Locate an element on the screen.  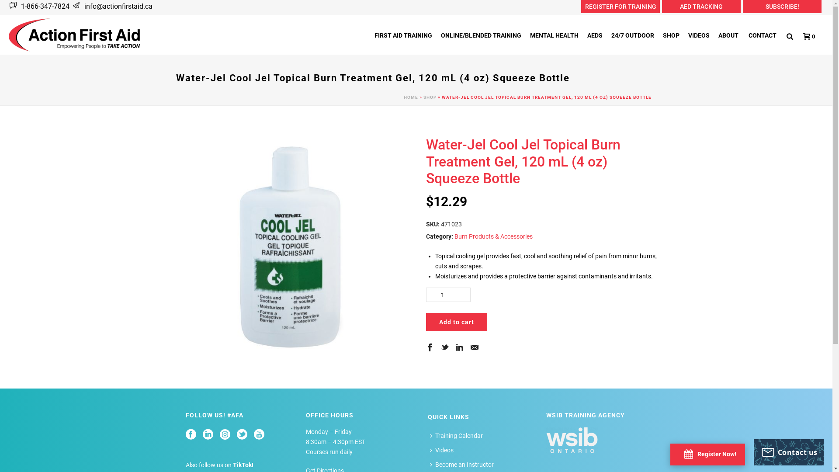
'FIRST AID TRAINING' is located at coordinates (402, 35).